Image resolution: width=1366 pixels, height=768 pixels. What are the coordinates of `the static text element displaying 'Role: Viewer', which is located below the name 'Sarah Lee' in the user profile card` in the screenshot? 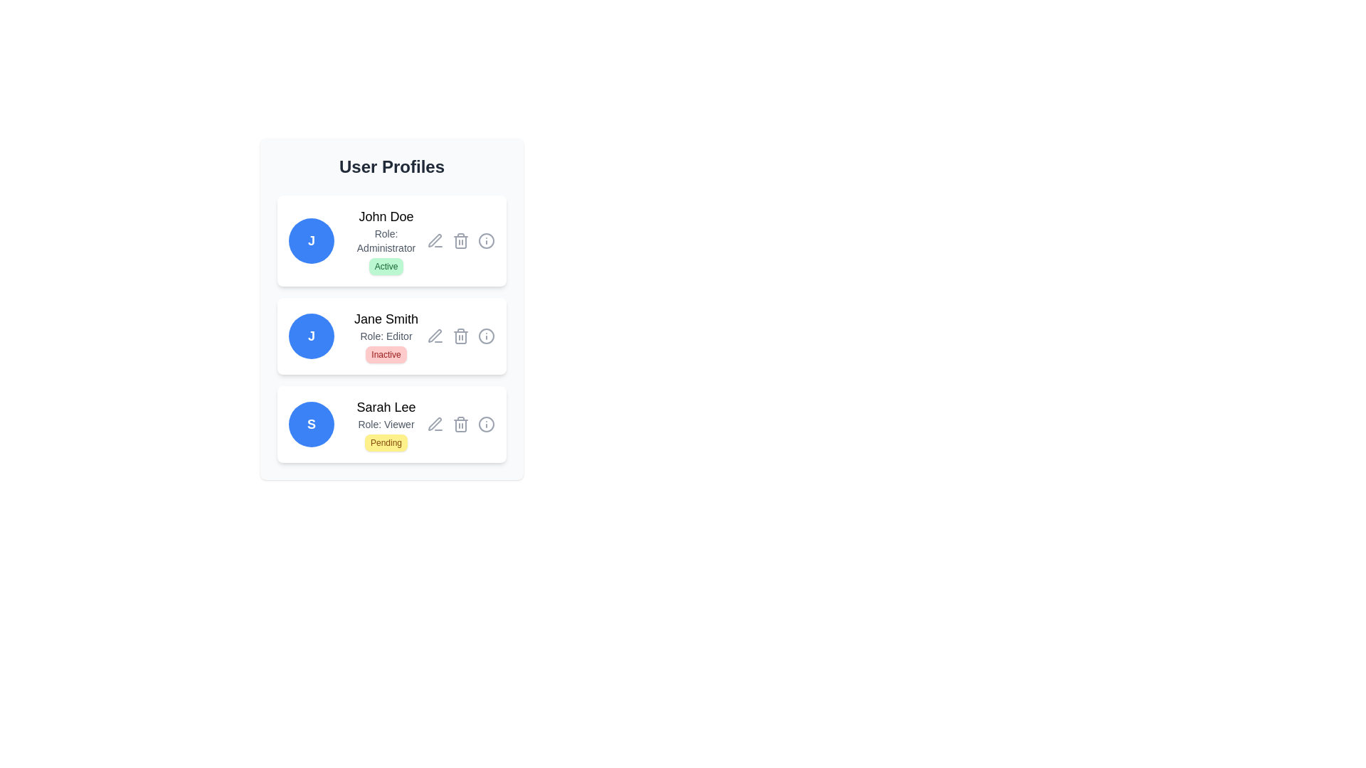 It's located at (386, 424).